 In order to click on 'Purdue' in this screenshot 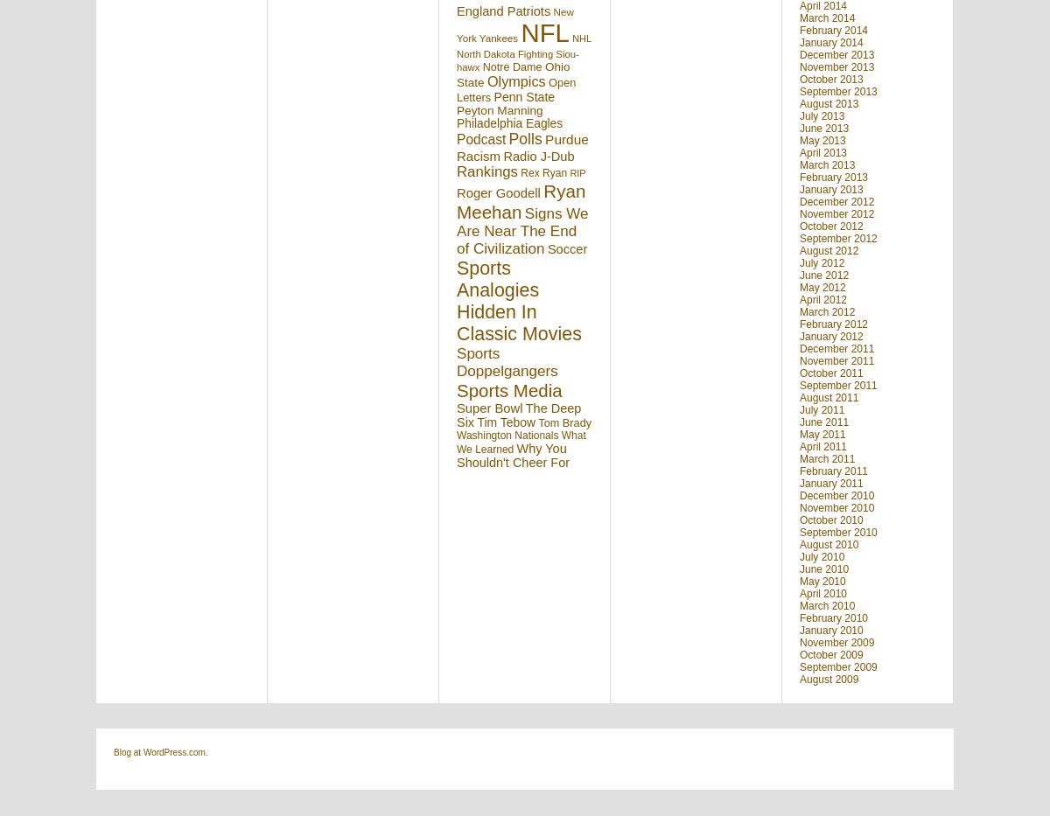, I will do `click(566, 138)`.